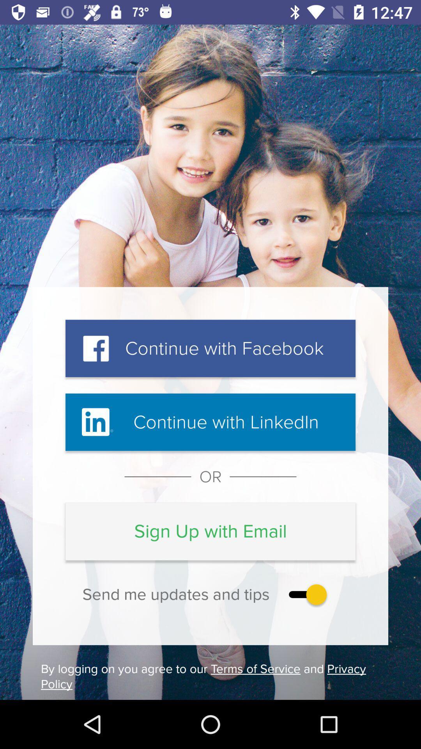 The width and height of the screenshot is (421, 749). I want to click on the item above the by logging on icon, so click(306, 594).